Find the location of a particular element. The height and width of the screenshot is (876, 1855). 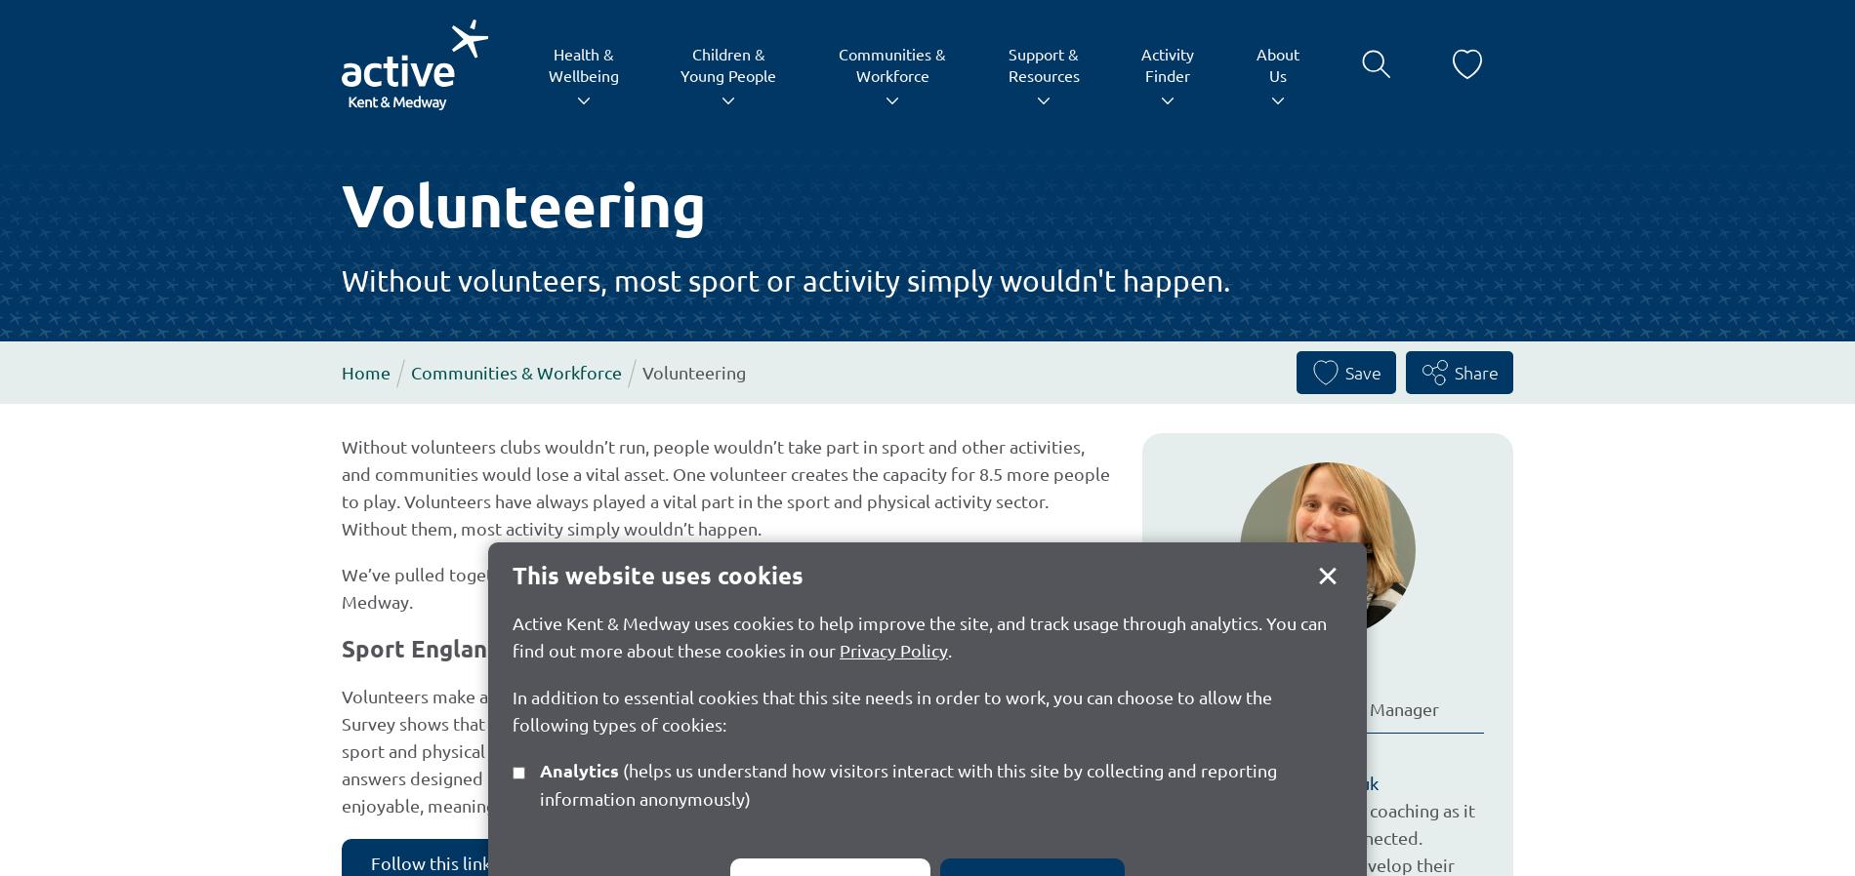

'Share' is located at coordinates (1476, 371).